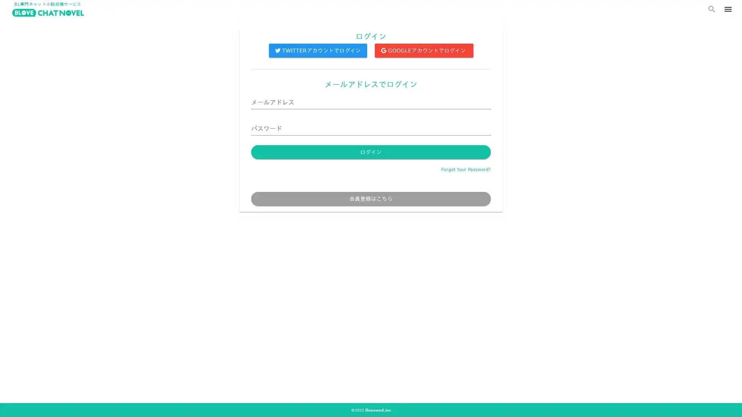 The height and width of the screenshot is (417, 742). I want to click on GOOGLE, so click(423, 56).